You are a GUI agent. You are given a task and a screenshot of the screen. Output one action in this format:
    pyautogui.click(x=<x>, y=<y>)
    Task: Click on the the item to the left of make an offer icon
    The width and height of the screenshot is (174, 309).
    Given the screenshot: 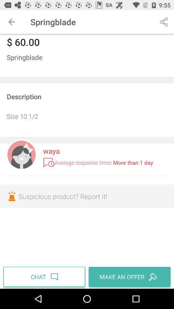 What is the action you would take?
    pyautogui.click(x=45, y=276)
    